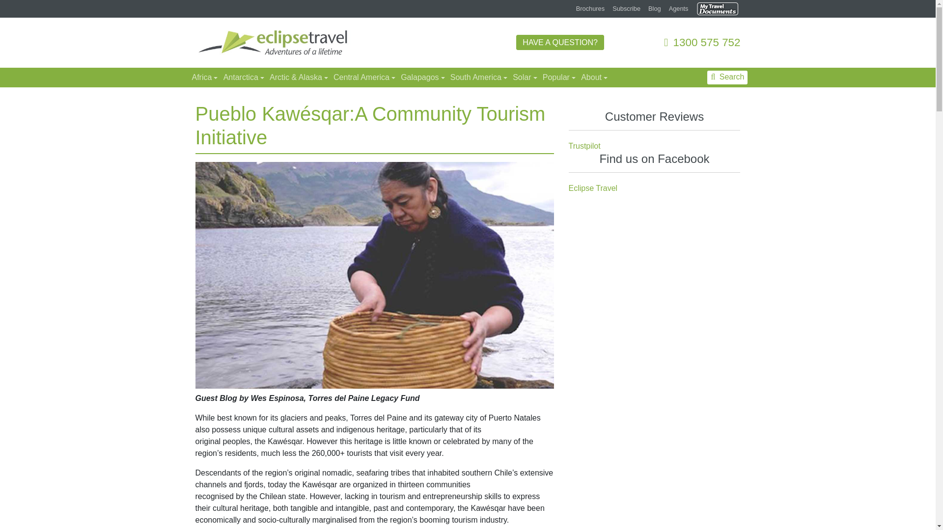 The width and height of the screenshot is (943, 530). What do you see at coordinates (523, 77) in the screenshot?
I see `'Solar'` at bounding box center [523, 77].